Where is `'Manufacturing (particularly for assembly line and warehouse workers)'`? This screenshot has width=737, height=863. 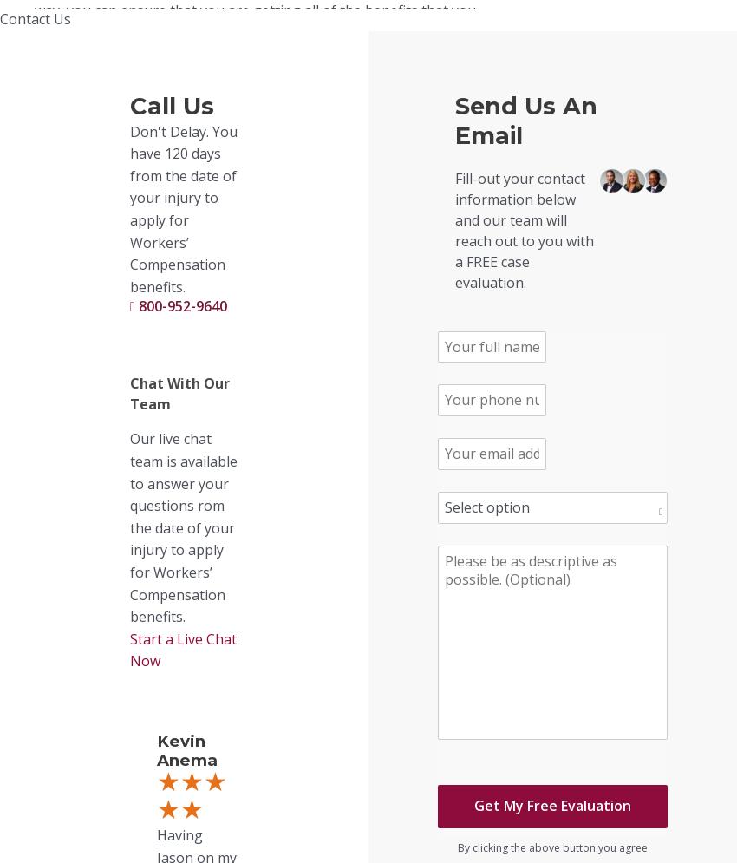
'Manufacturing (particularly for assembly line and warehouse workers)' is located at coordinates (275, 781).